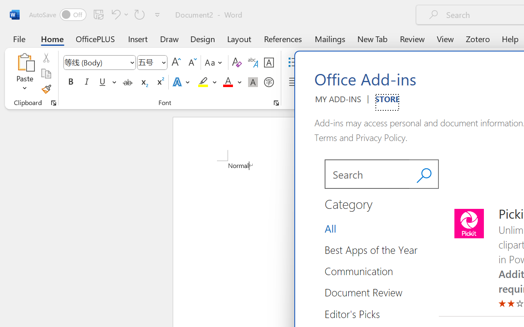  I want to click on 'Text Highlight Color Yellow', so click(203, 82).